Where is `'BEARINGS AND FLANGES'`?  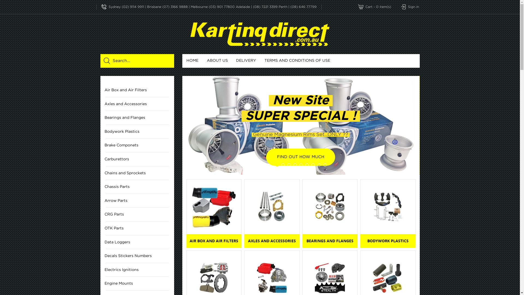 'BEARINGS AND FLANGES' is located at coordinates (330, 241).